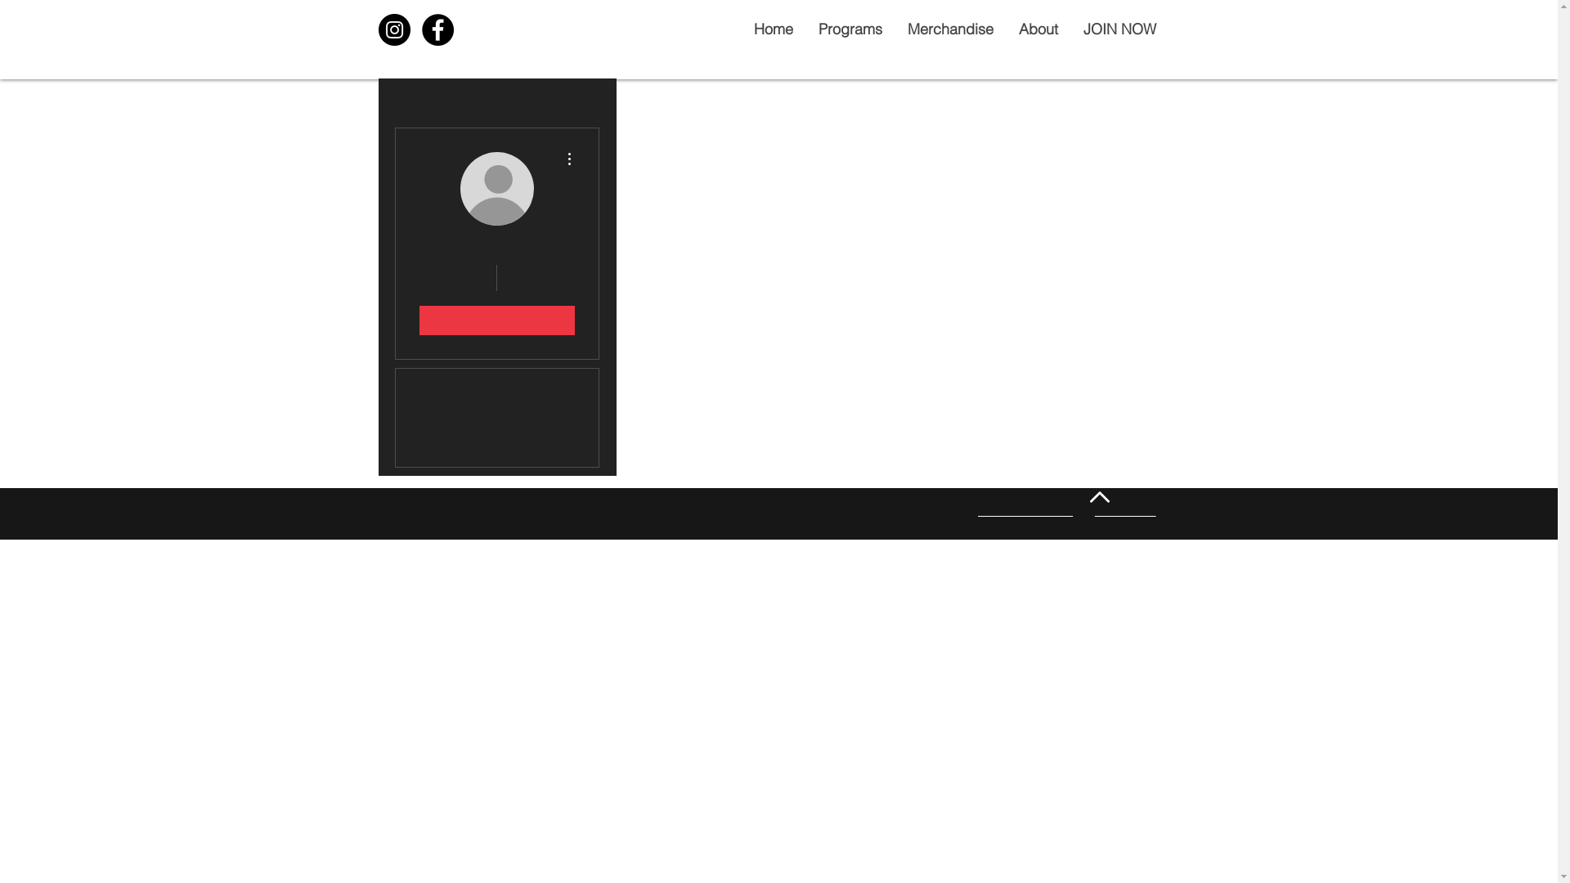  What do you see at coordinates (455, 276) in the screenshot?
I see `'0` at bounding box center [455, 276].